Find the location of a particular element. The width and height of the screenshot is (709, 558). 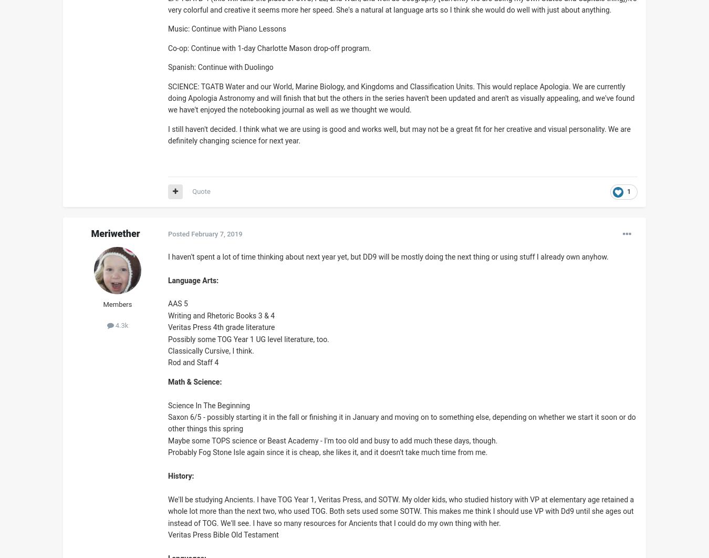

'4.3k' is located at coordinates (113, 325).